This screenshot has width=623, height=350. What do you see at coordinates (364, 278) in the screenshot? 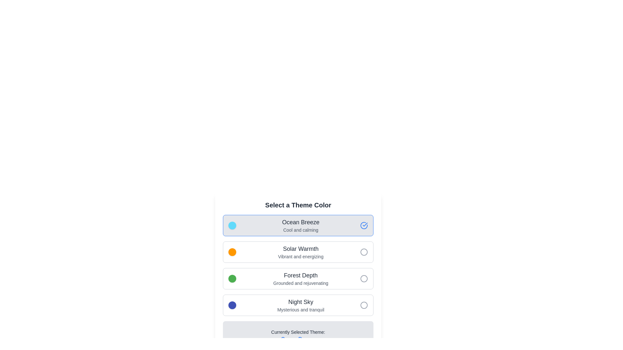
I see `the circular radio button icon located at the far right of the 'Forest Depth' option in the 'Select a Theme Color' section` at bounding box center [364, 278].